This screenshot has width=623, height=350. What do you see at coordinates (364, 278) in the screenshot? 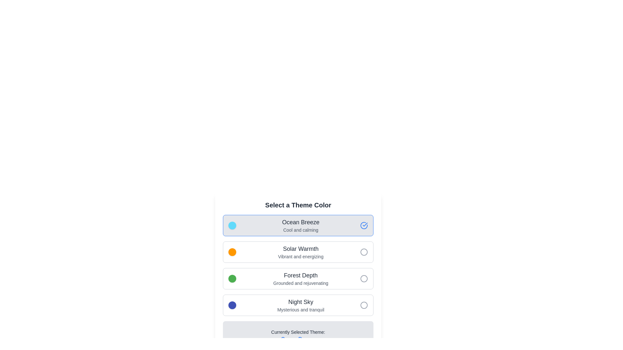
I see `the circular radio button icon located at the far right of the 'Forest Depth' option in the 'Select a Theme Color' section` at bounding box center [364, 278].